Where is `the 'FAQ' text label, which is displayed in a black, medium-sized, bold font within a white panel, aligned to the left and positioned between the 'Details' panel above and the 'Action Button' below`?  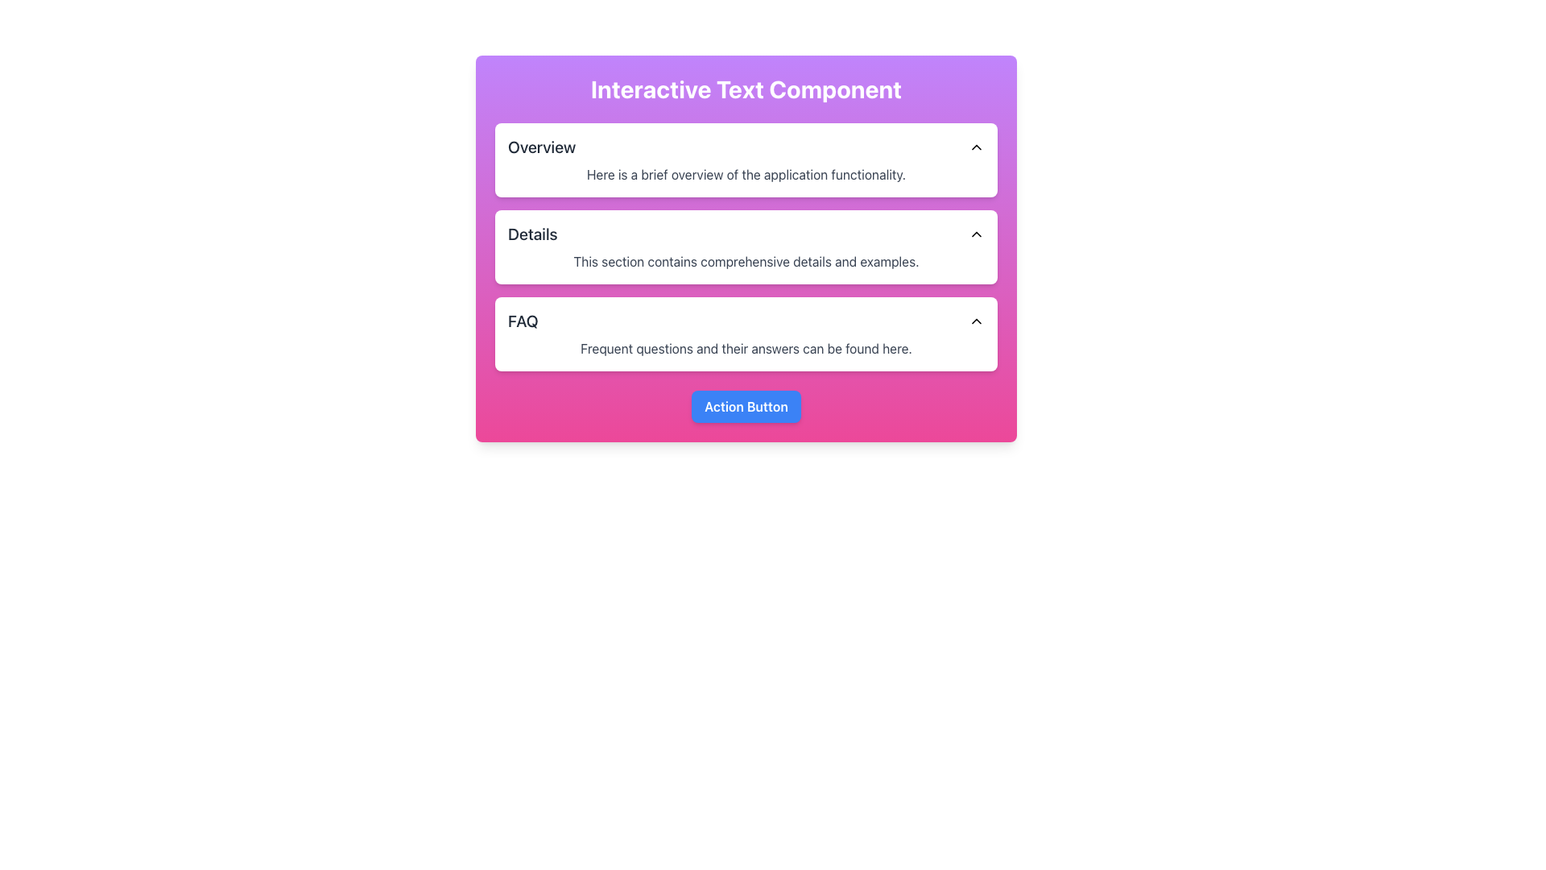 the 'FAQ' text label, which is displayed in a black, medium-sized, bold font within a white panel, aligned to the left and positioned between the 'Details' panel above and the 'Action Button' below is located at coordinates (523, 321).